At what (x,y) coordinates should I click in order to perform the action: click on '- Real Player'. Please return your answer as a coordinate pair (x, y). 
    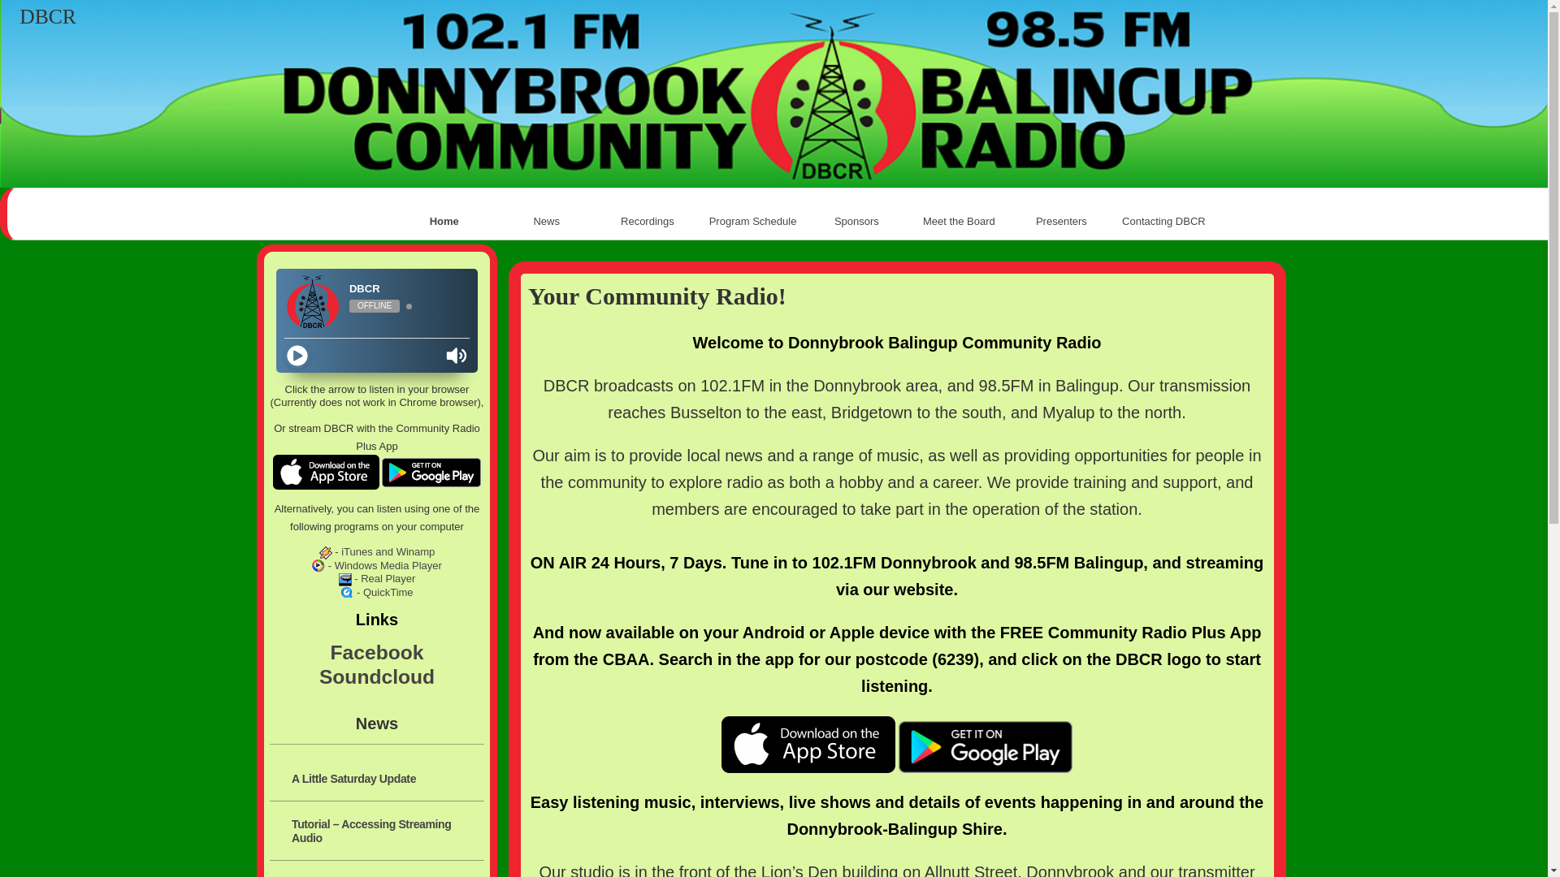
    Looking at the image, I should click on (376, 577).